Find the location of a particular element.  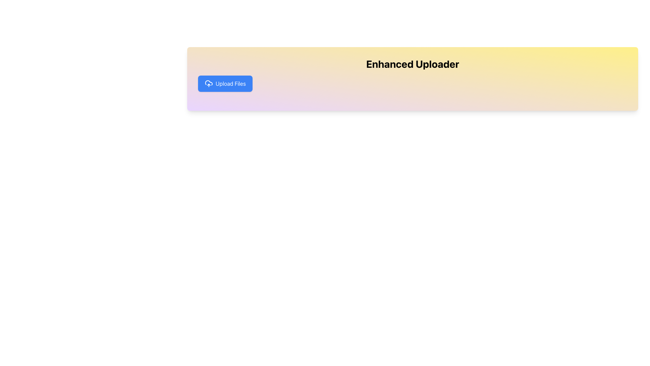

the cloud icon with an upward arrow, which is part of the 'Upload Files' button located on the top left of the interface is located at coordinates (209, 83).